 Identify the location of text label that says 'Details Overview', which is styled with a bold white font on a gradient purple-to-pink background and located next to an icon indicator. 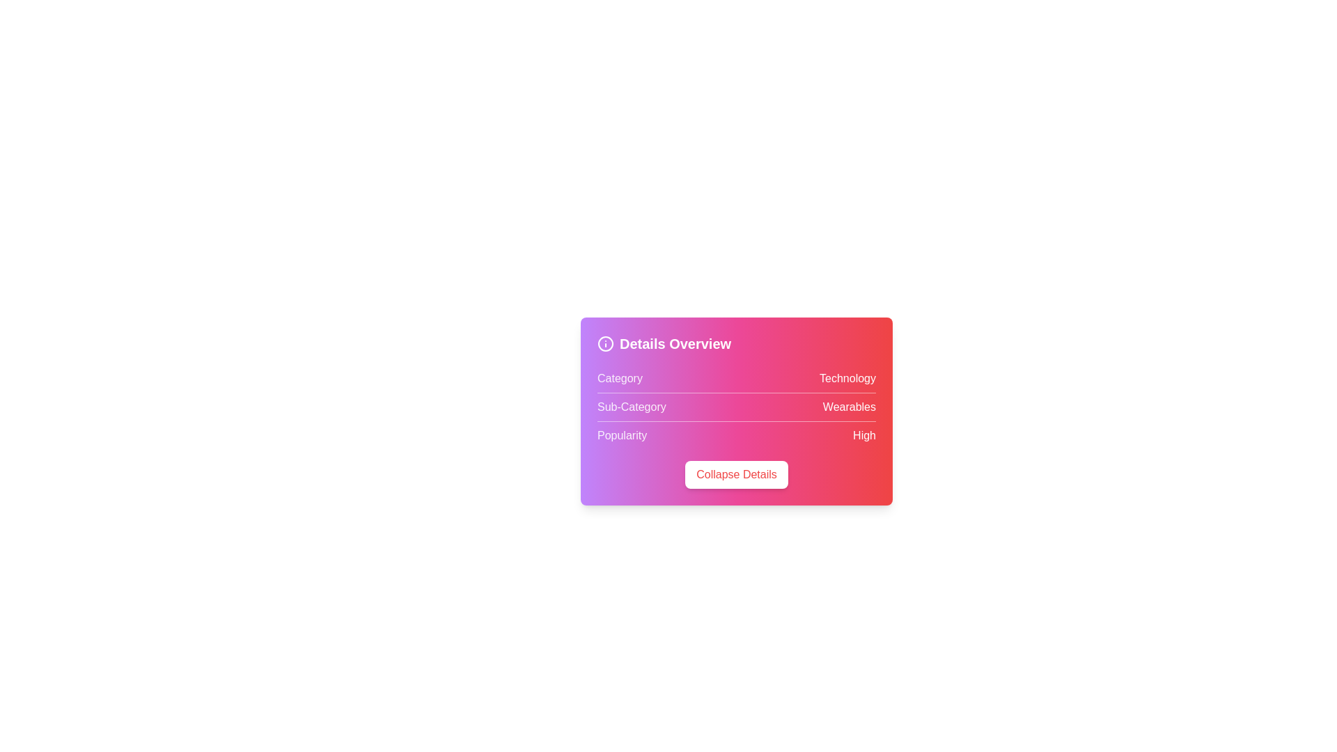
(675, 343).